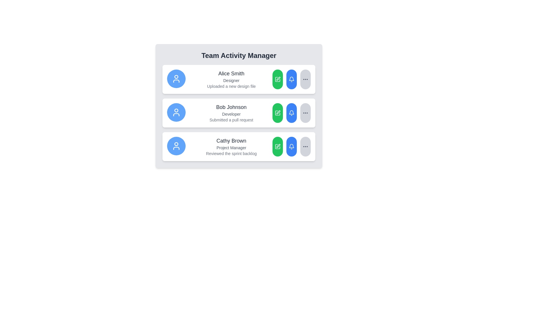 The image size is (556, 313). I want to click on the user's avatar icon, which is the first blue circular icon in a vertical list, located to the left of the entry labeled 'Alice Smith.', so click(176, 79).